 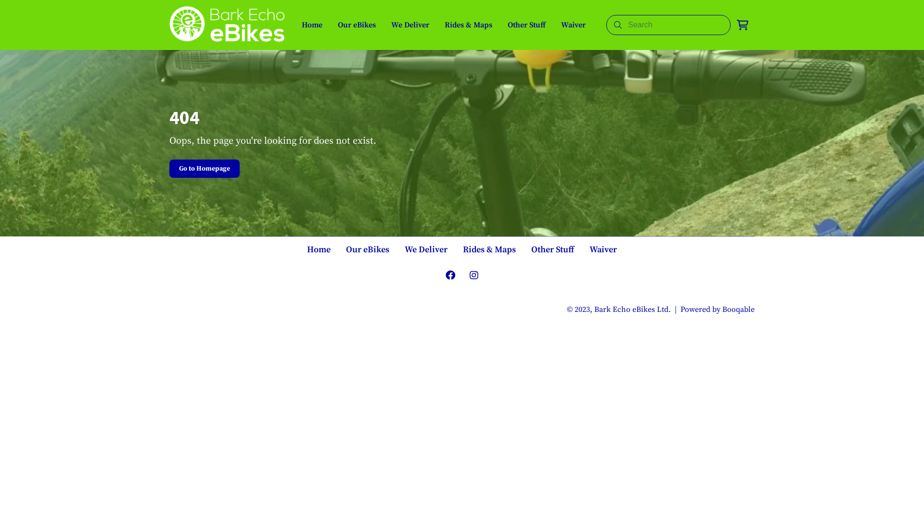 I want to click on 'Go to Homepage', so click(x=204, y=168).